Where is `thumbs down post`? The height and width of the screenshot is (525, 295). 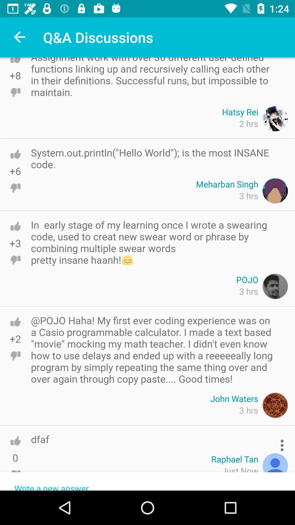 thumbs down post is located at coordinates (15, 92).